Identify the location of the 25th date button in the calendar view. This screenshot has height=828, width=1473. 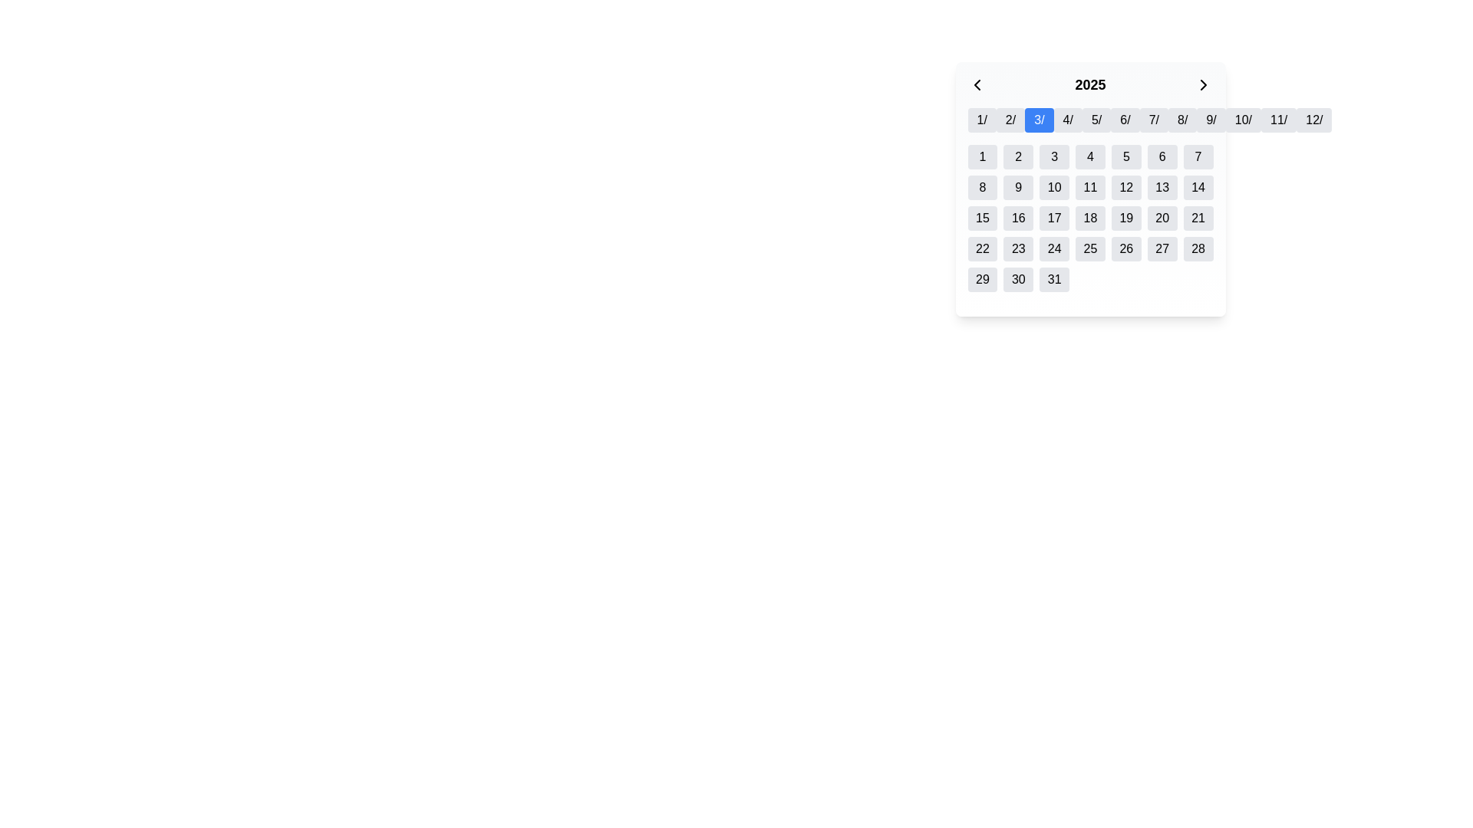
(1089, 248).